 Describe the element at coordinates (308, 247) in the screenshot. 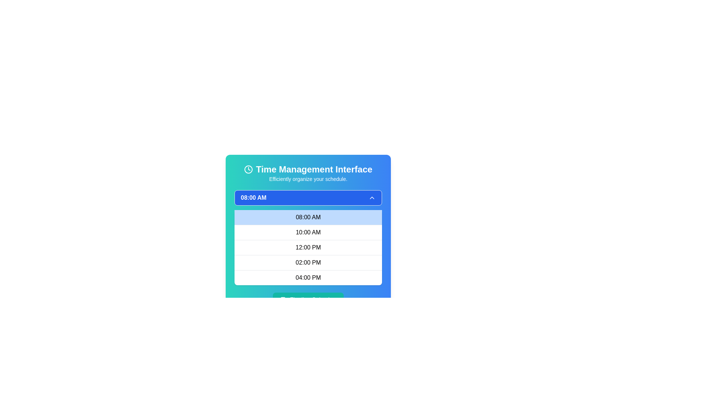

I see `the selectable list item for '12:00 PM', which is the third item in the time selection dropdown` at that location.